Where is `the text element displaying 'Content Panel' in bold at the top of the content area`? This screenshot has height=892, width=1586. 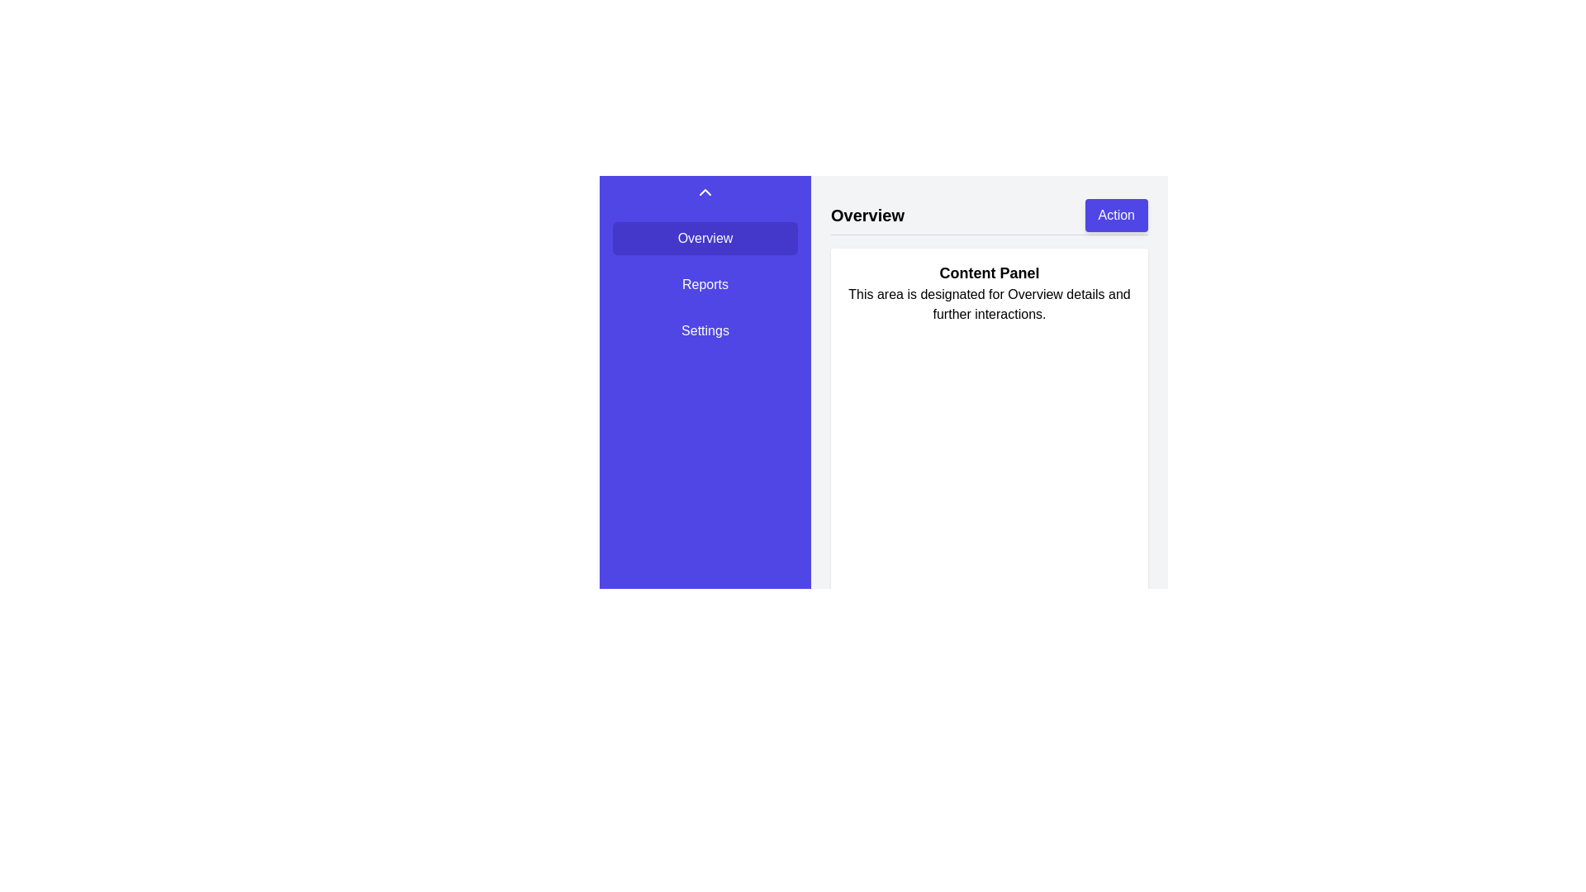
the text element displaying 'Content Panel' in bold at the top of the content area is located at coordinates (990, 273).